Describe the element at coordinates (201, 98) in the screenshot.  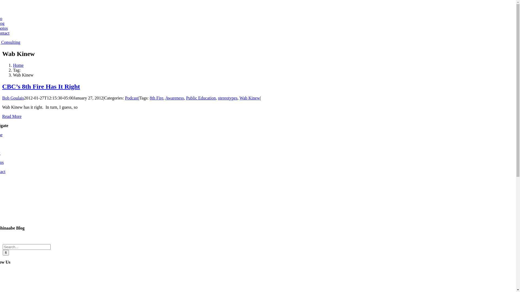
I see `'Public Education'` at that location.